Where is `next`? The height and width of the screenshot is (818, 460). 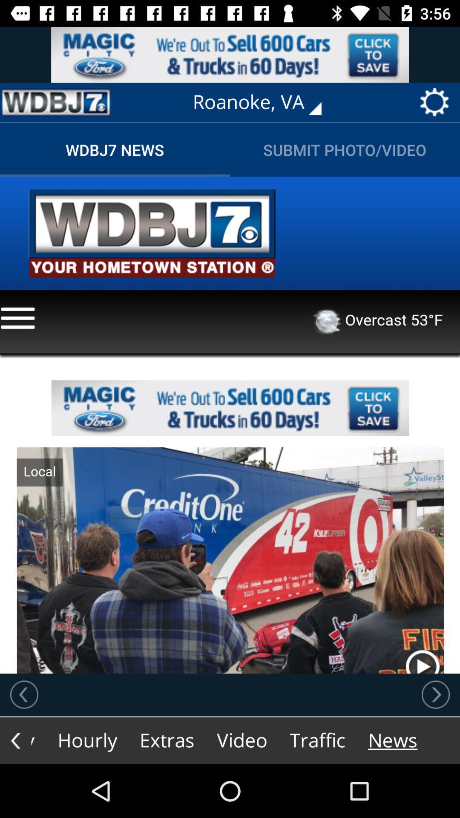 next is located at coordinates (435, 694).